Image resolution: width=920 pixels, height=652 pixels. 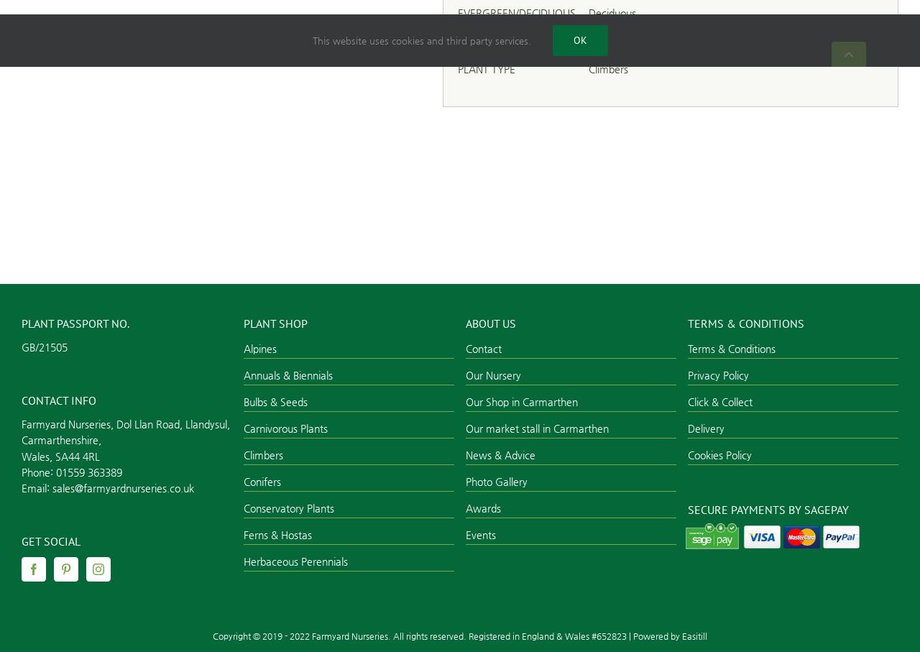 I want to click on 'Ferns & Hostas', so click(x=243, y=534).